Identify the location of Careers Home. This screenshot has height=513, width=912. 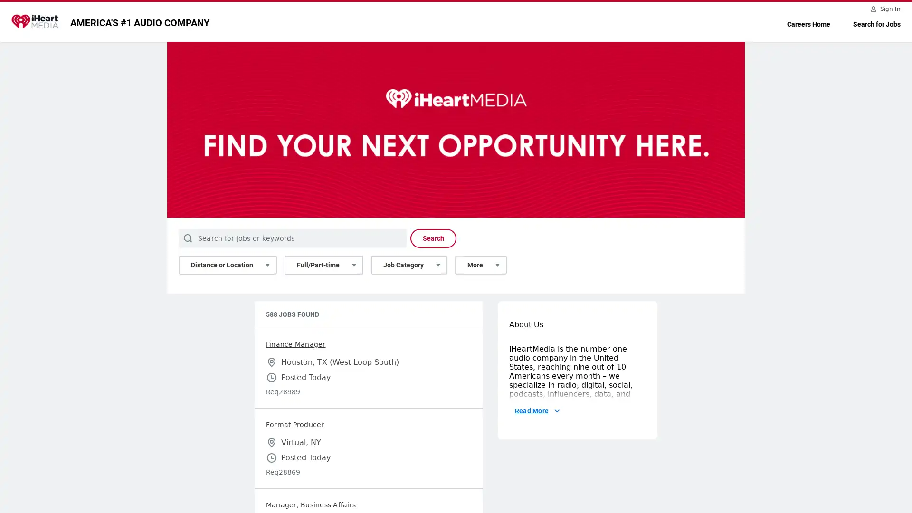
(808, 24).